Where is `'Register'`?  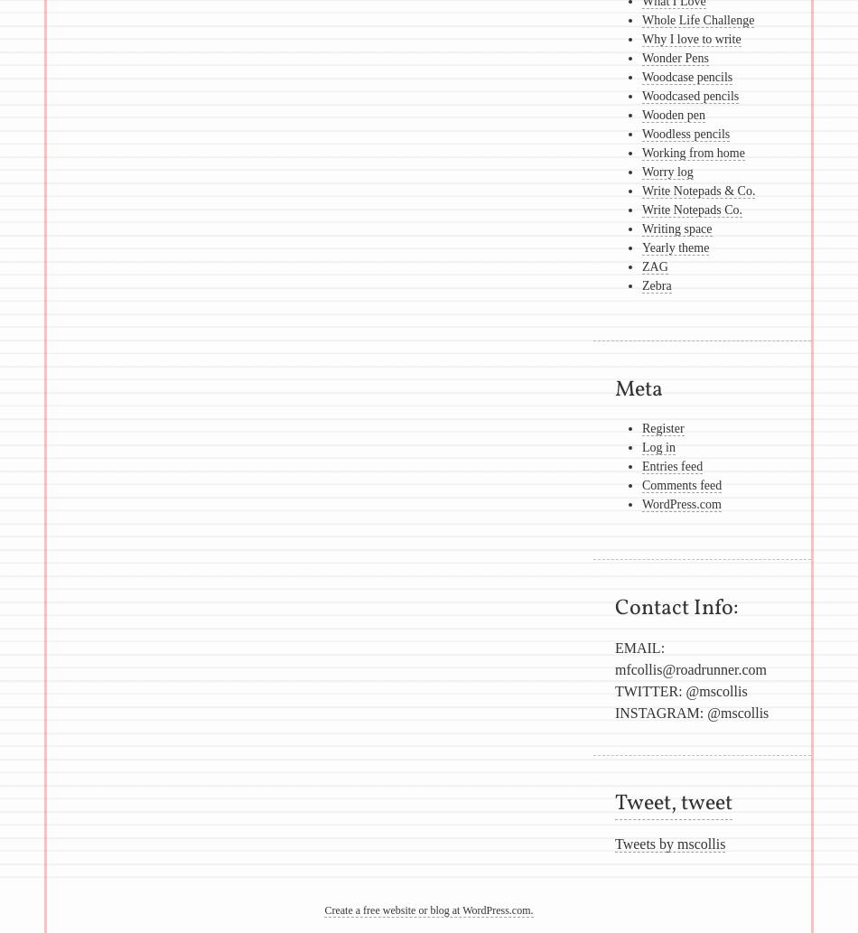
'Register' is located at coordinates (661, 428).